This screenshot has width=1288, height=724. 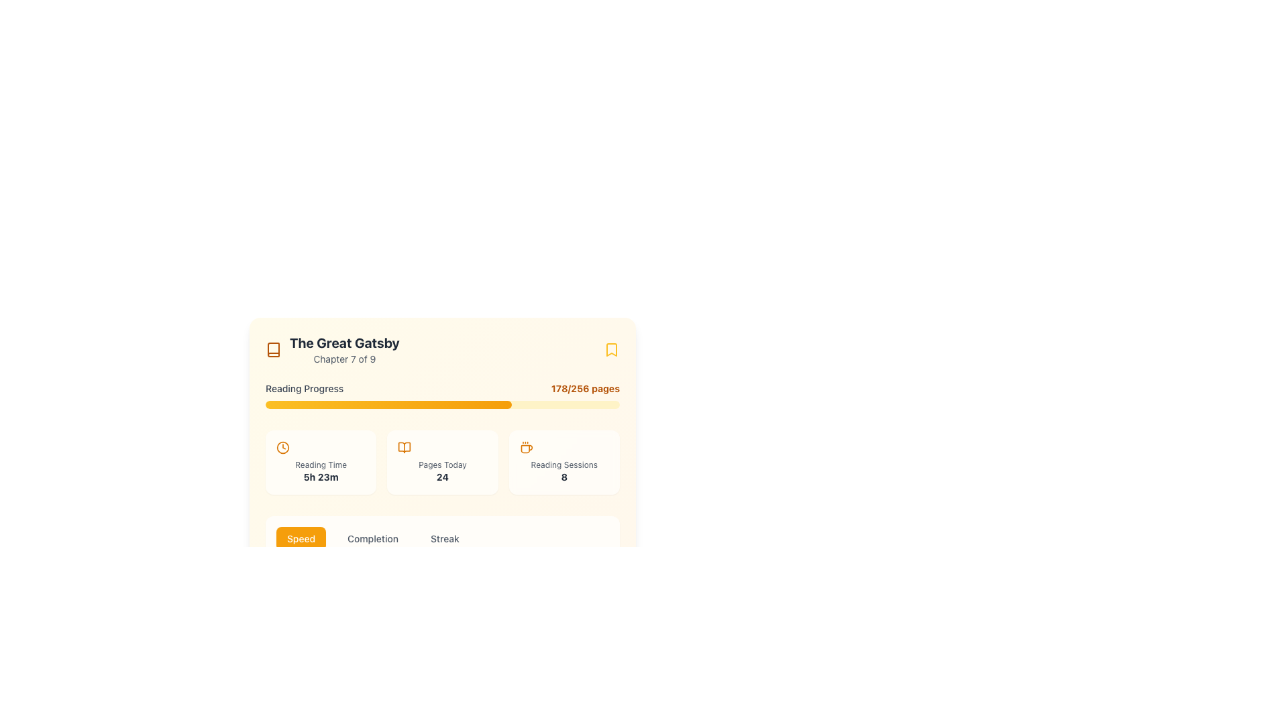 What do you see at coordinates (332, 349) in the screenshot?
I see `the composite element containing the book icon and text information representing the title 'The Great Gatsby' and subtitle 'Chapter 7 of 9' for accessibility purposes` at bounding box center [332, 349].